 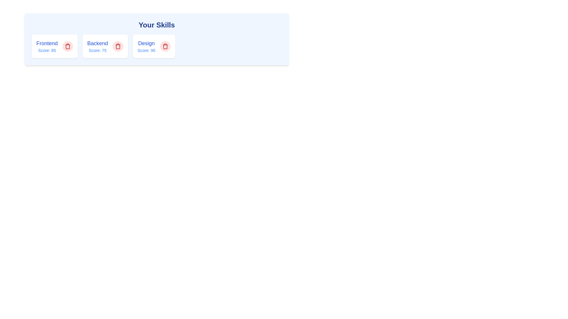 I want to click on remove button for the tag with name Frontend, so click(x=68, y=46).